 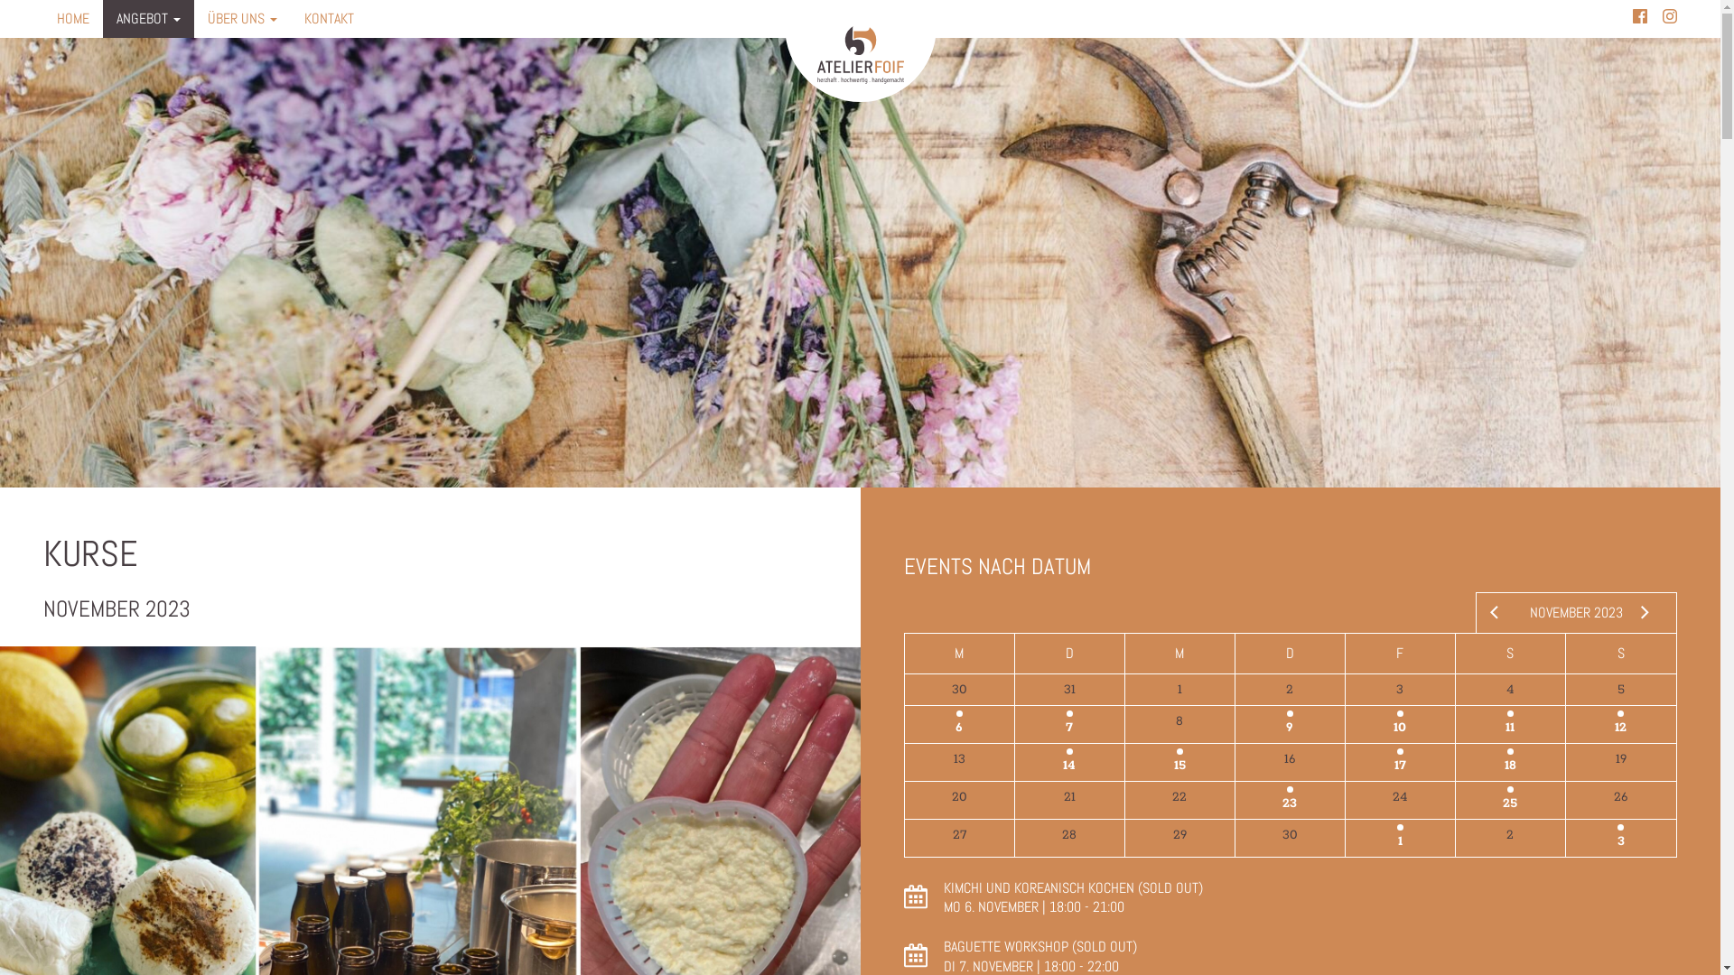 I want to click on '0 VERANSTALTUNGEN,, so click(x=905, y=799).